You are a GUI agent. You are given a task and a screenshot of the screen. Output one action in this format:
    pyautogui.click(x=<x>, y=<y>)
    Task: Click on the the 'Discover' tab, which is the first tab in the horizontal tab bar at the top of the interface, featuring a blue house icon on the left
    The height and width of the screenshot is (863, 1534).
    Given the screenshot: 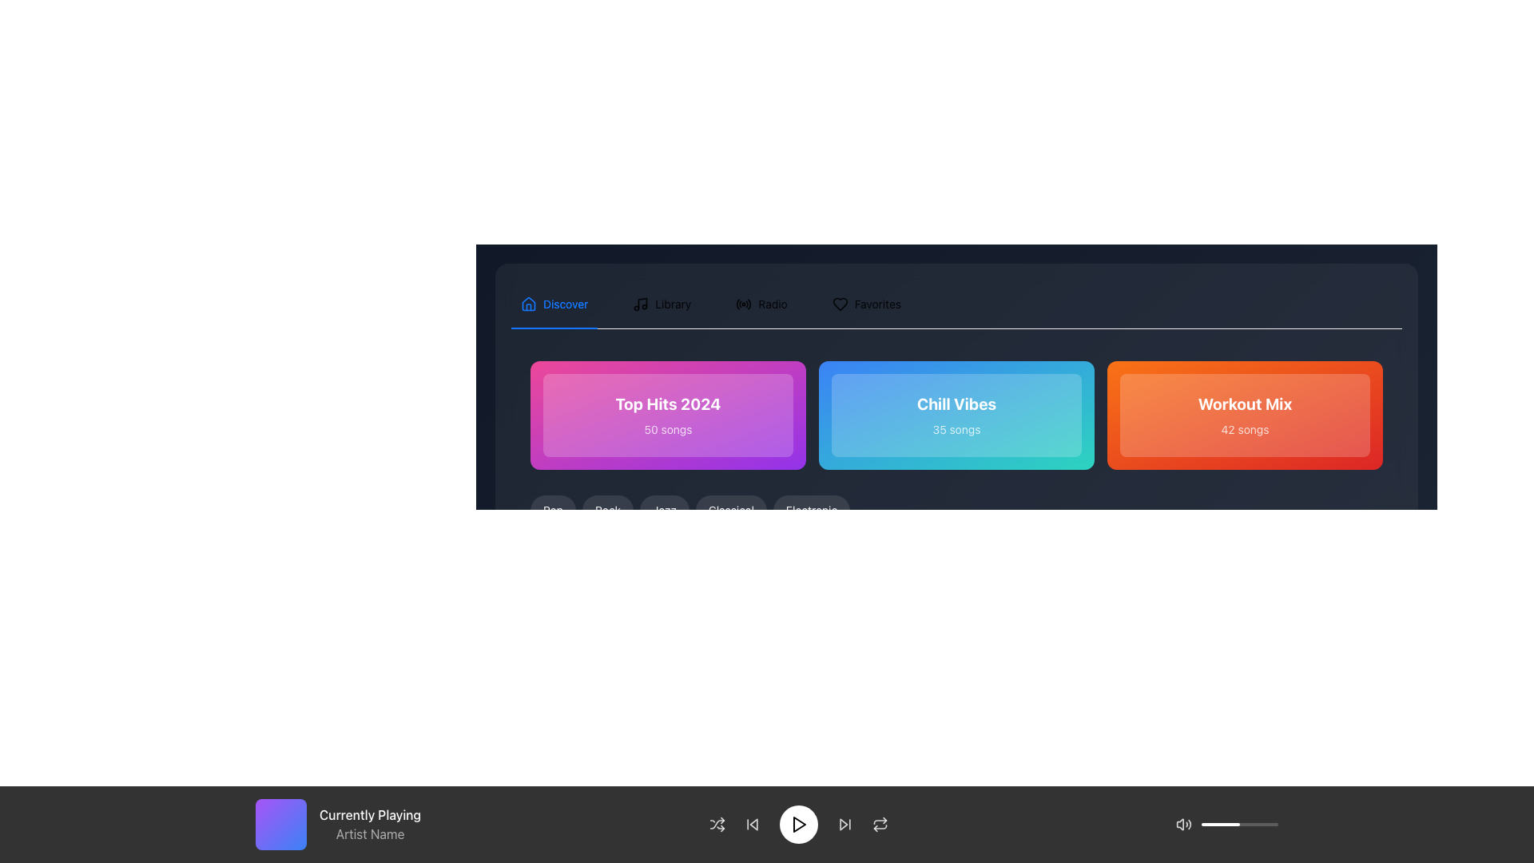 What is the action you would take?
    pyautogui.click(x=554, y=304)
    